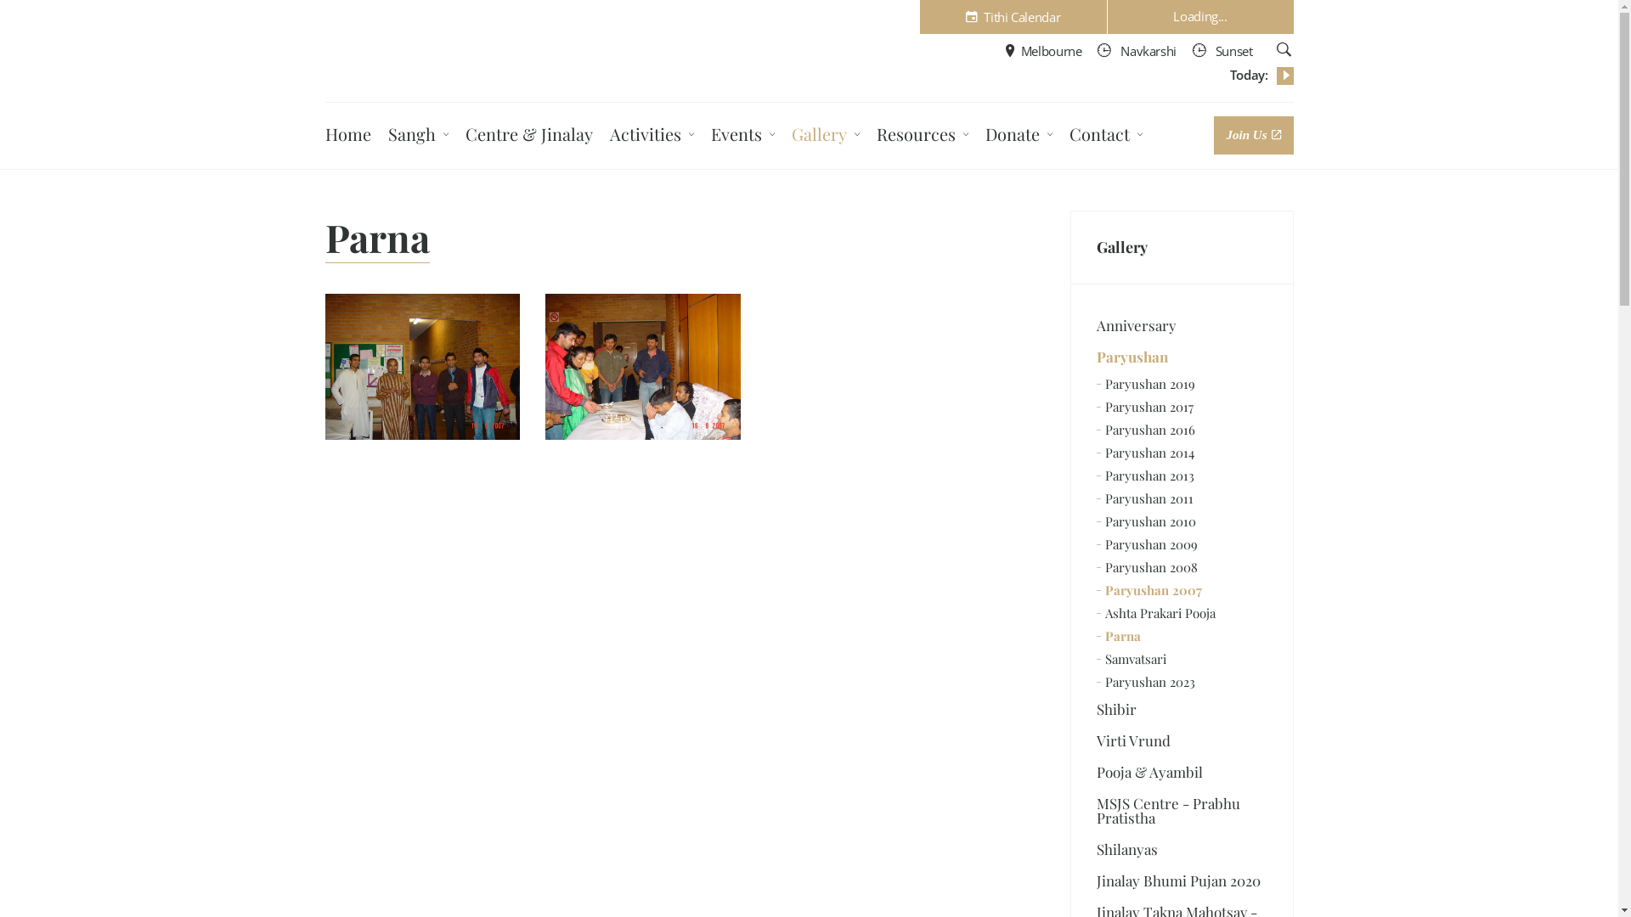 The height and width of the screenshot is (917, 1631). Describe the element at coordinates (1181, 772) in the screenshot. I see `'Pooja & Ayambil'` at that location.